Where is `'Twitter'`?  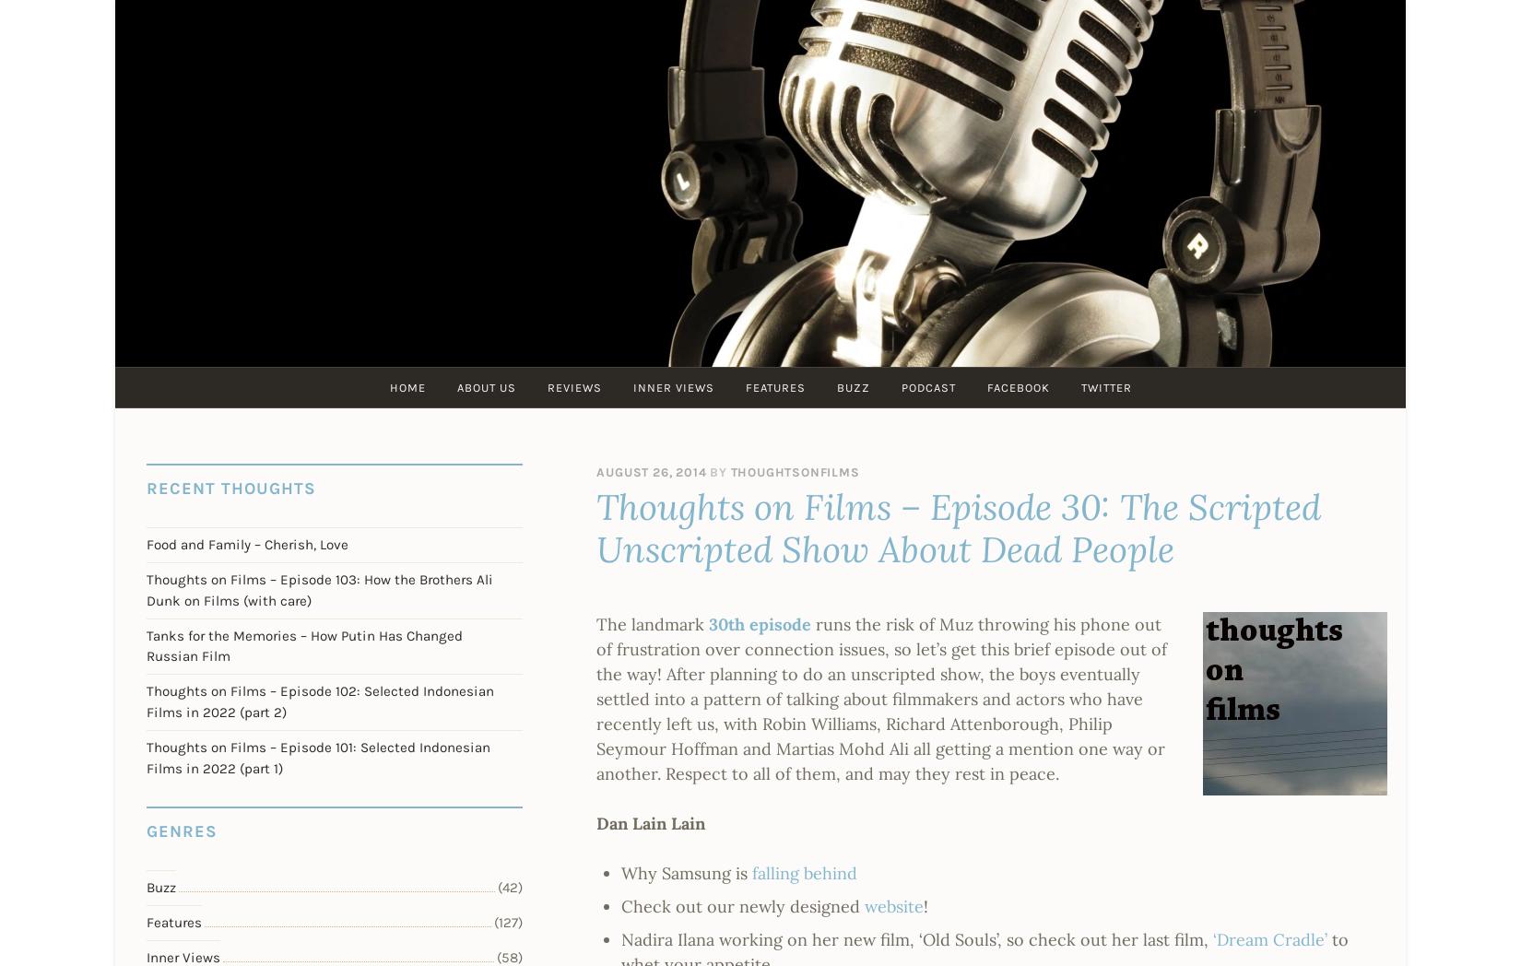
'Twitter' is located at coordinates (1105, 387).